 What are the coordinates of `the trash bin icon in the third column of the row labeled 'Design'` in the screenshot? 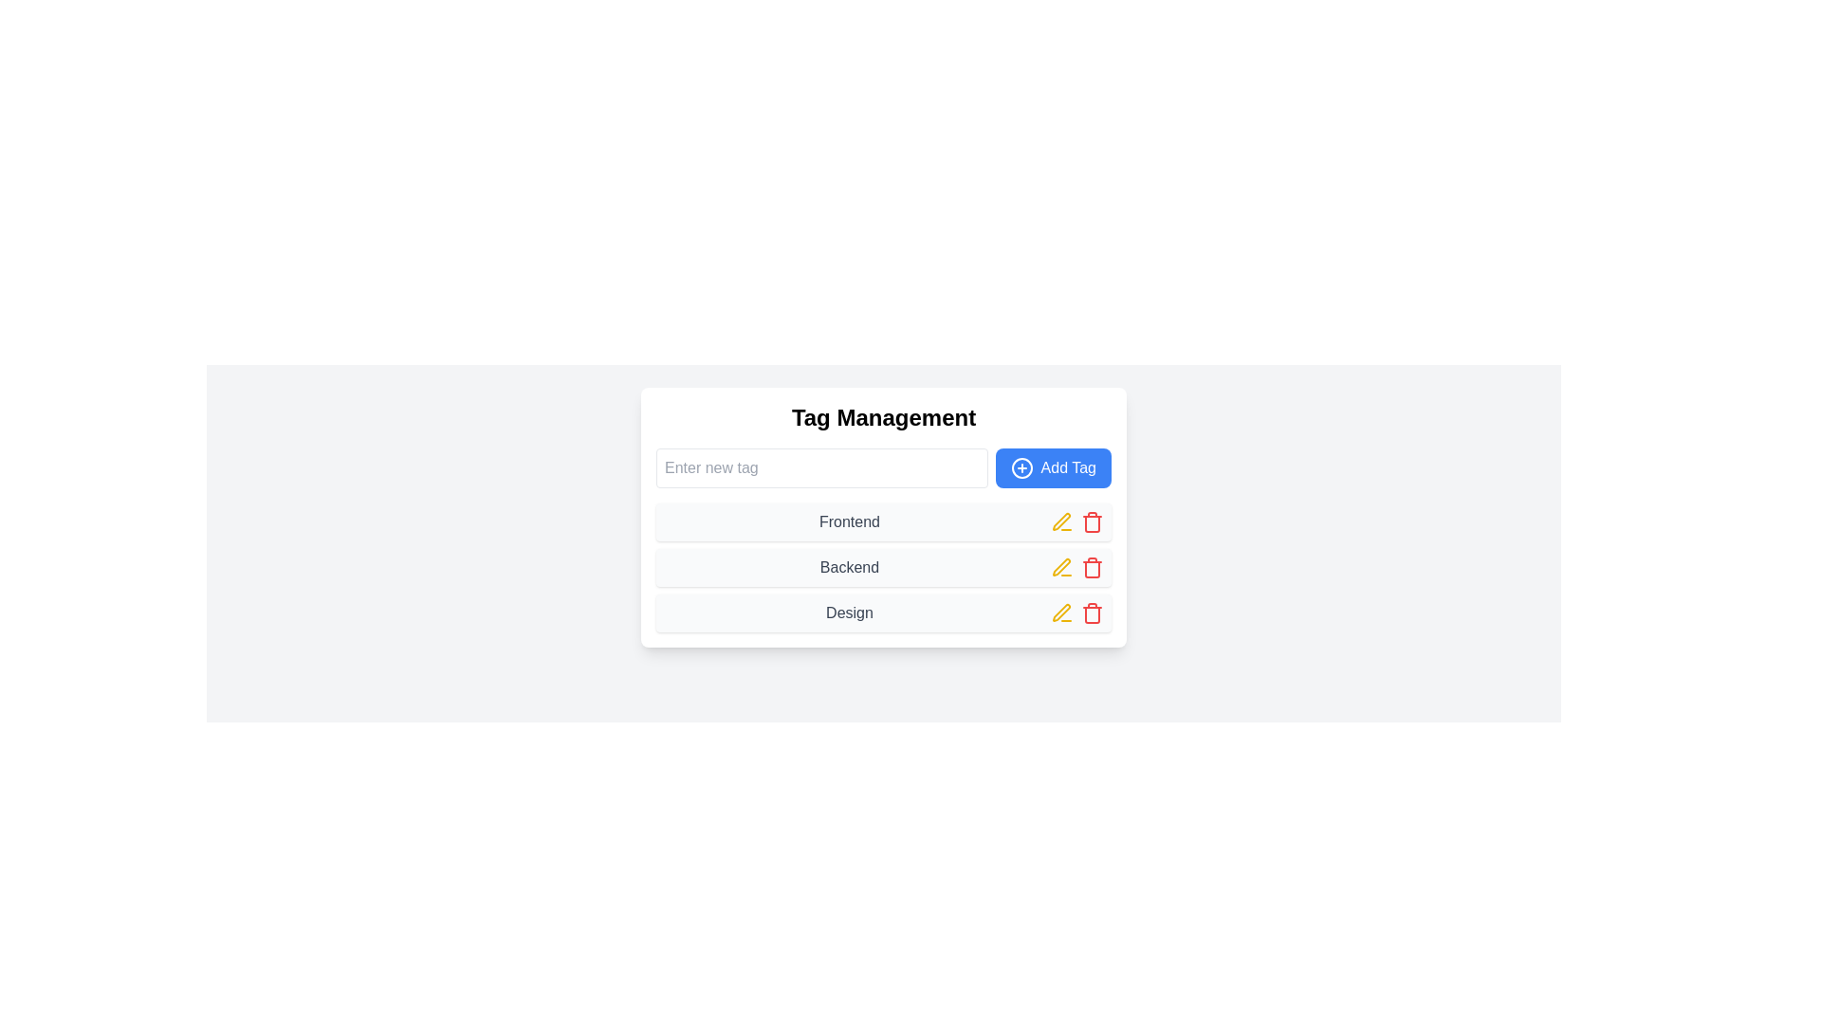 It's located at (1093, 613).